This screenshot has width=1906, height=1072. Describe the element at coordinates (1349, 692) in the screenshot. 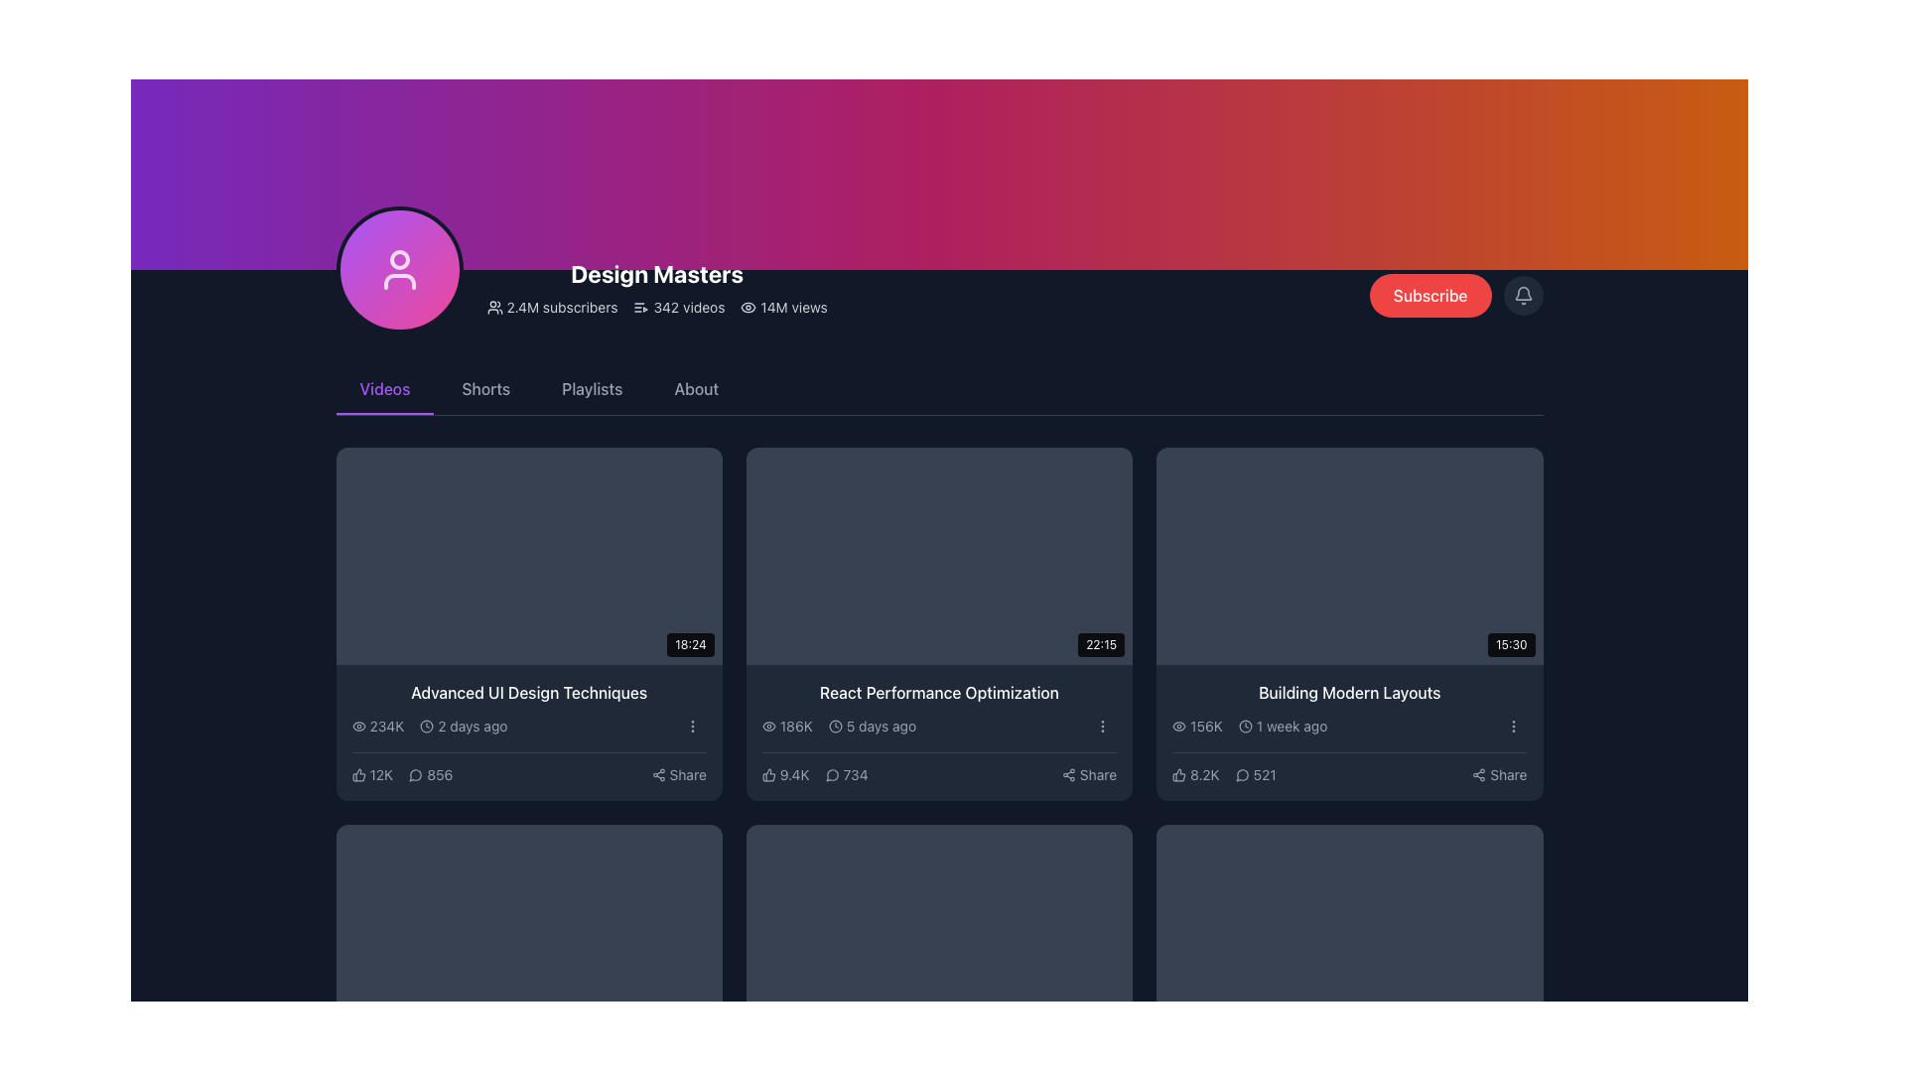

I see `text content of the Text Label titled 'Building Modern Layouts', which is prominently displayed on a dark background and is located in the rightmost column of a grid layout above metadata` at that location.